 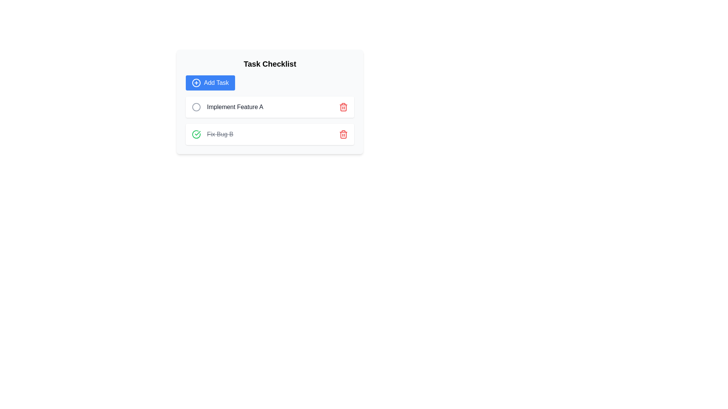 I want to click on the text label titled 'Implement Feature A', so click(x=227, y=107).